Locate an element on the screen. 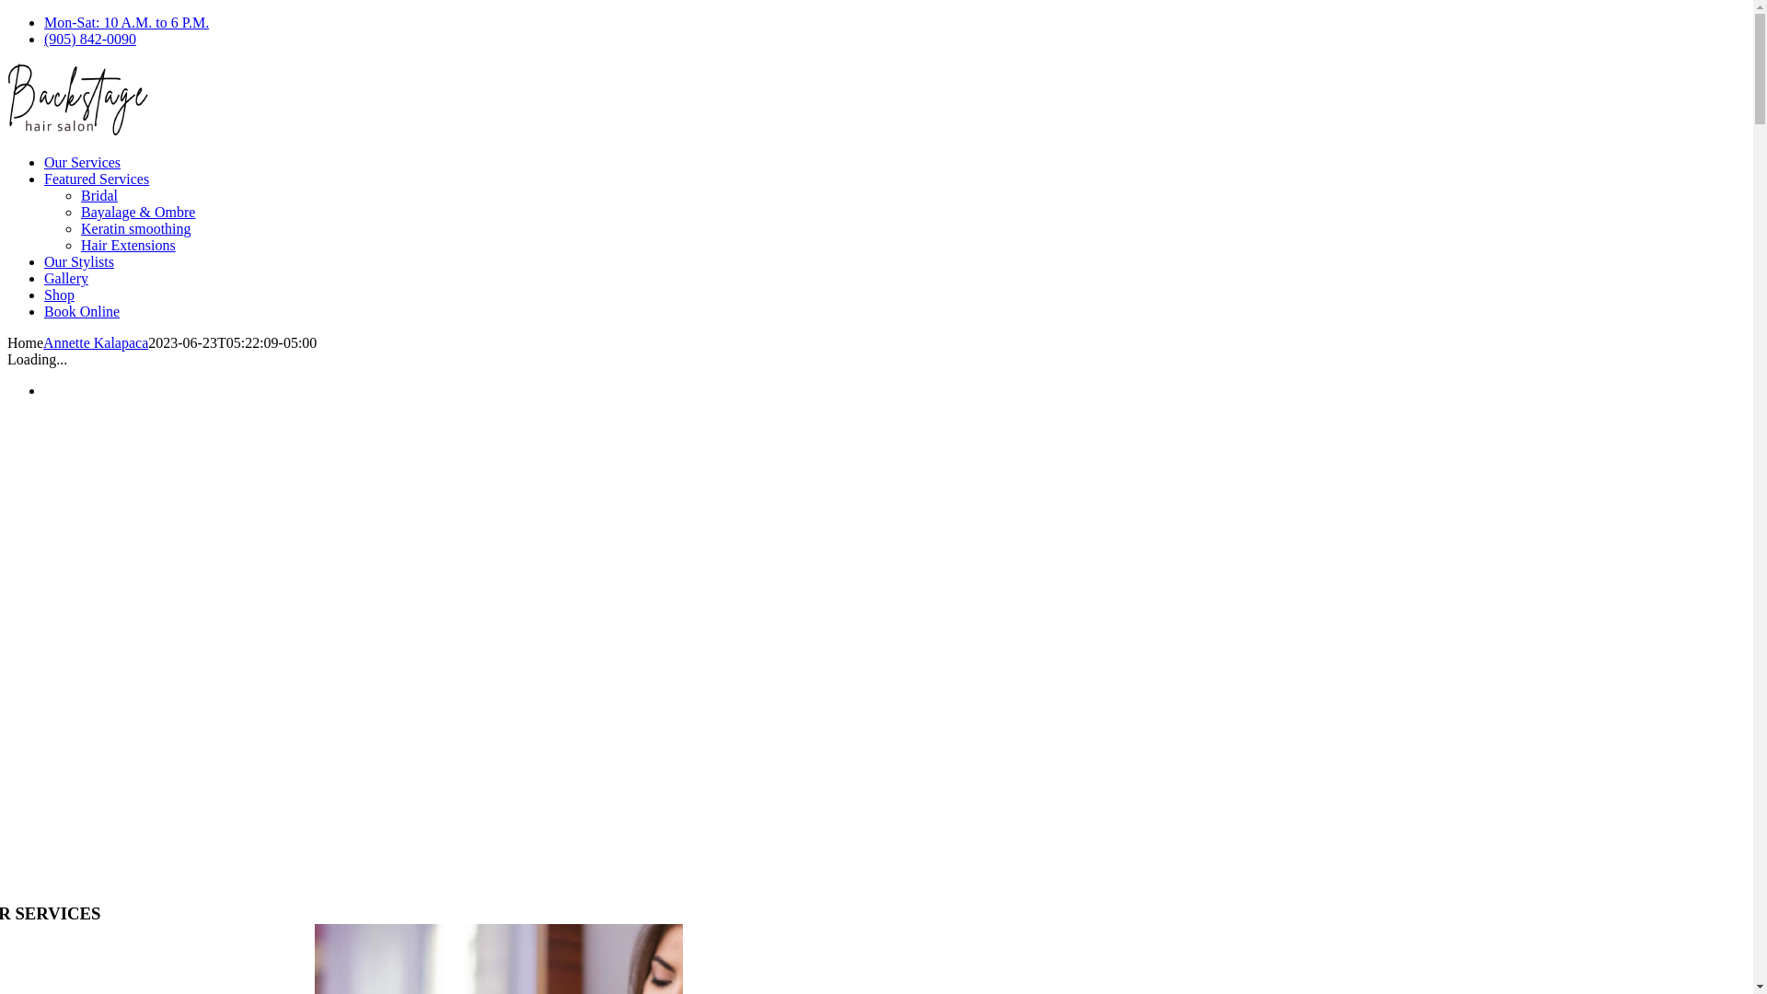  'Skip to content' is located at coordinates (6, 14).